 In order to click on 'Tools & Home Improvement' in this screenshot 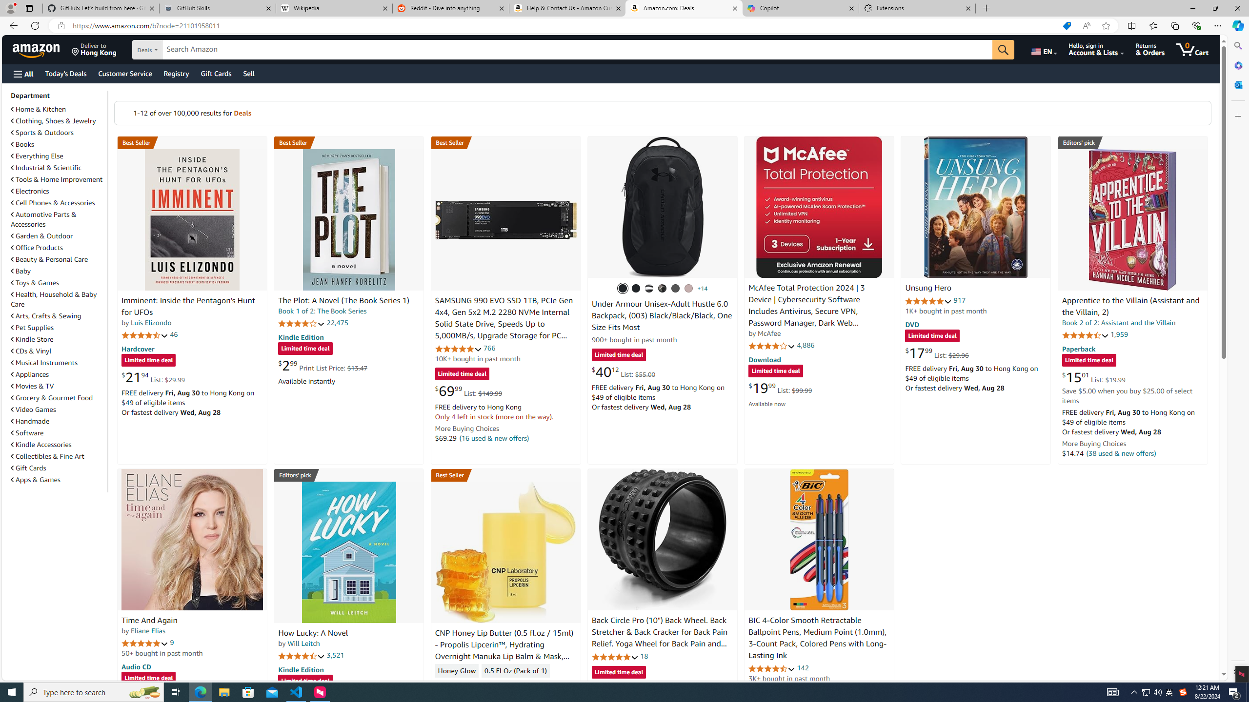, I will do `click(58, 179)`.